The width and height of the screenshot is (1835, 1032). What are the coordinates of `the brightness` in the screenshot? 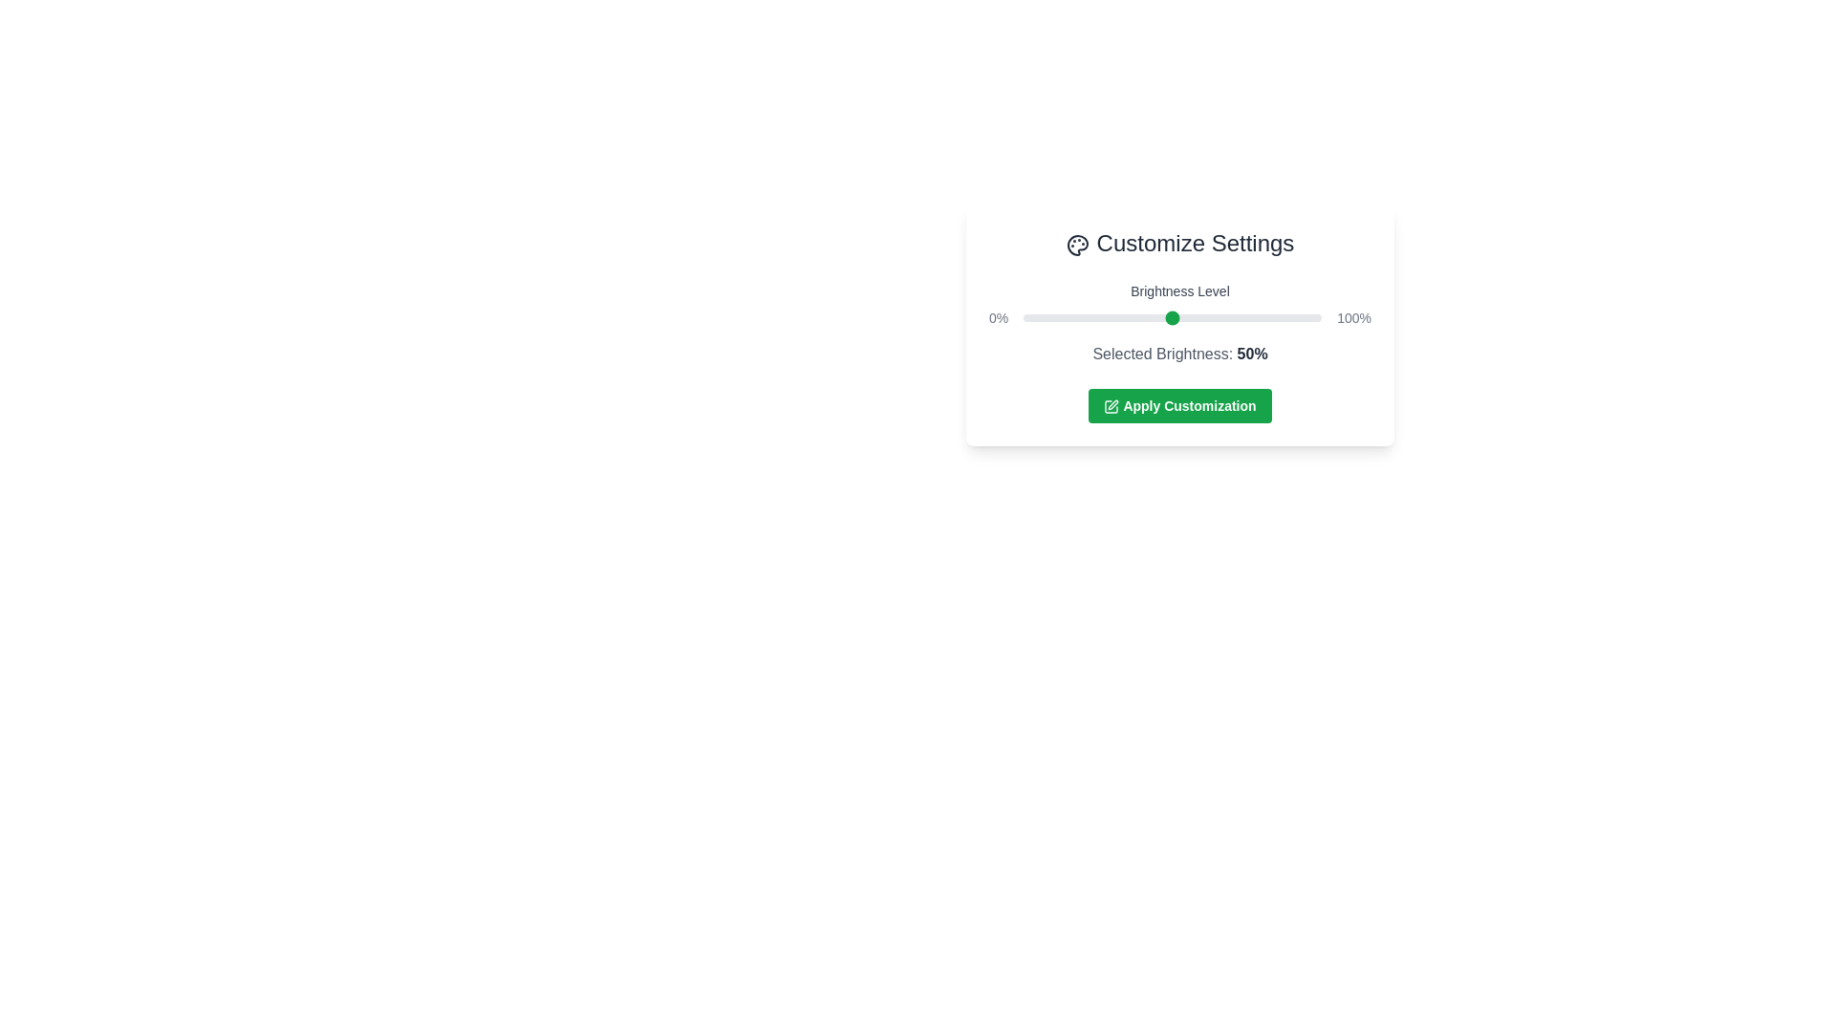 It's located at (1037, 316).